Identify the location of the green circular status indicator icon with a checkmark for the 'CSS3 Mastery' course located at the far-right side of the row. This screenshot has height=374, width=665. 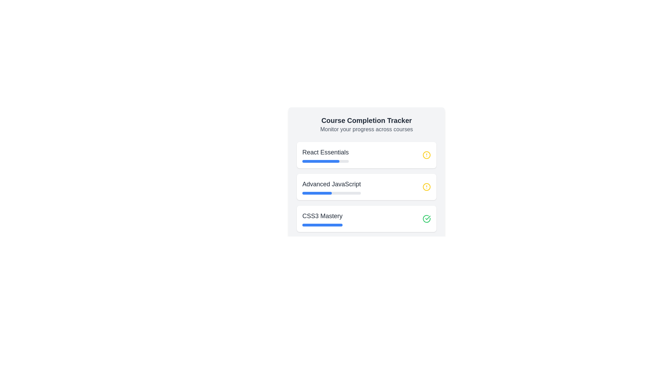
(426, 219).